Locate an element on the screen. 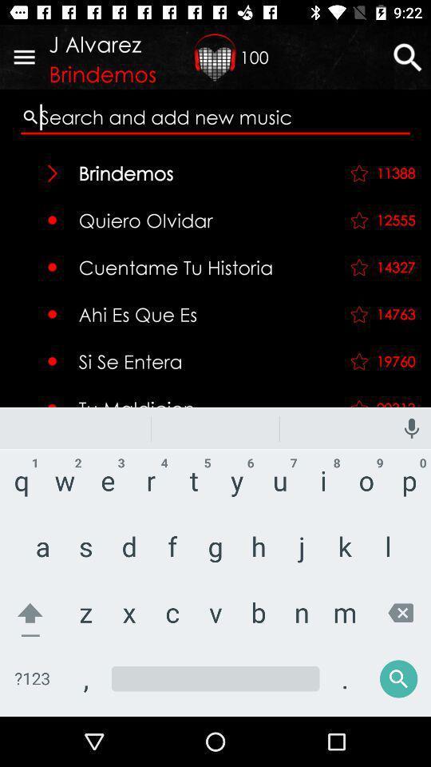 This screenshot has height=767, width=431. the search icon is located at coordinates (407, 57).